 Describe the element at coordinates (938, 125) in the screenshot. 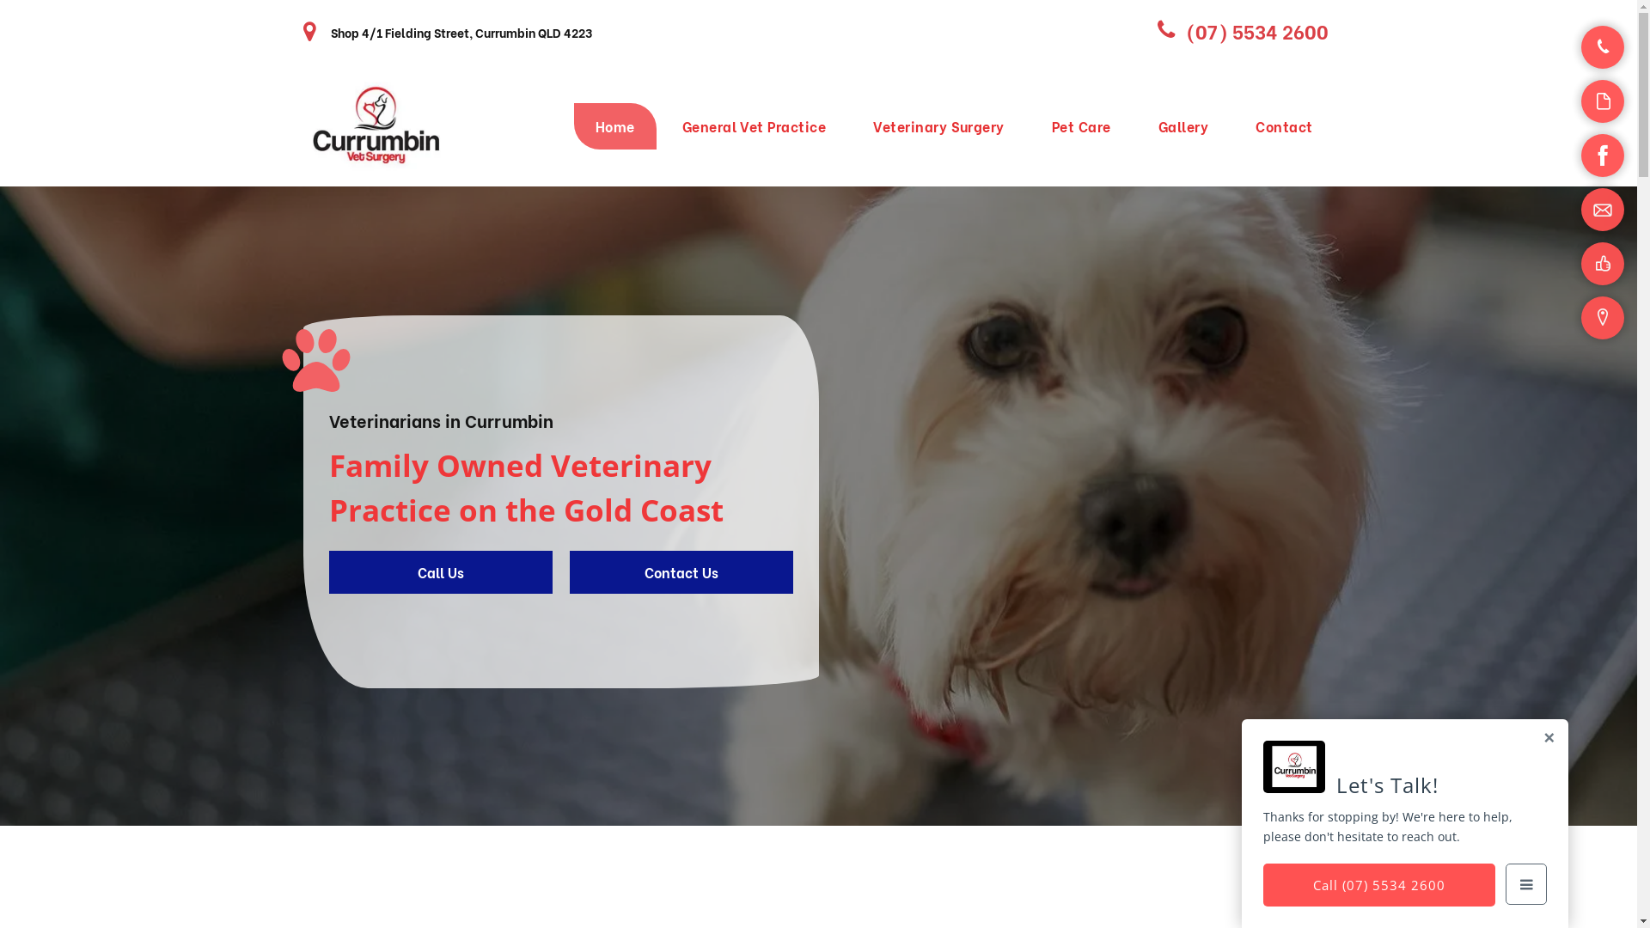

I see `'Veterinary Surgery'` at that location.